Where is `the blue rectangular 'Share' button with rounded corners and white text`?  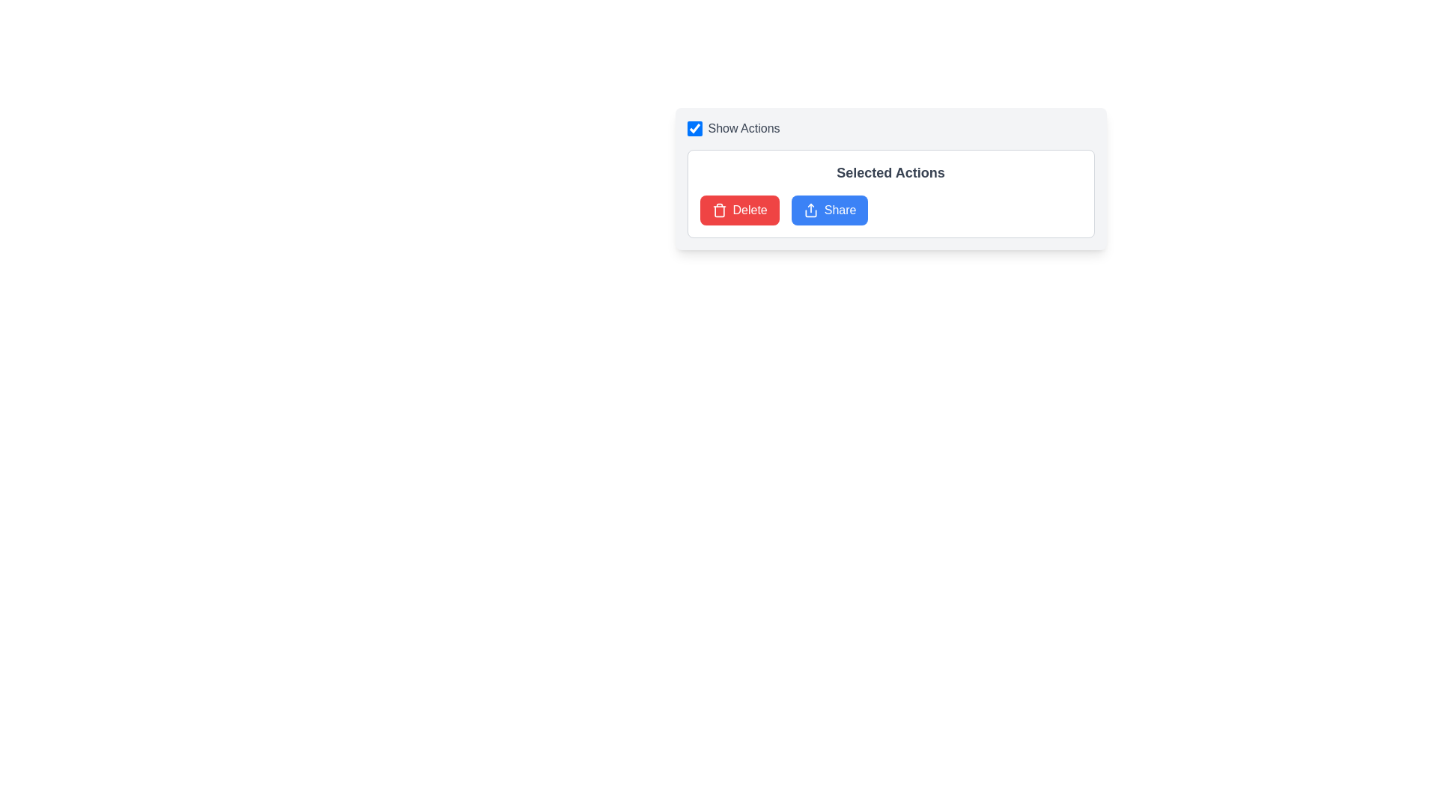
the blue rectangular 'Share' button with rounded corners and white text is located at coordinates (829, 210).